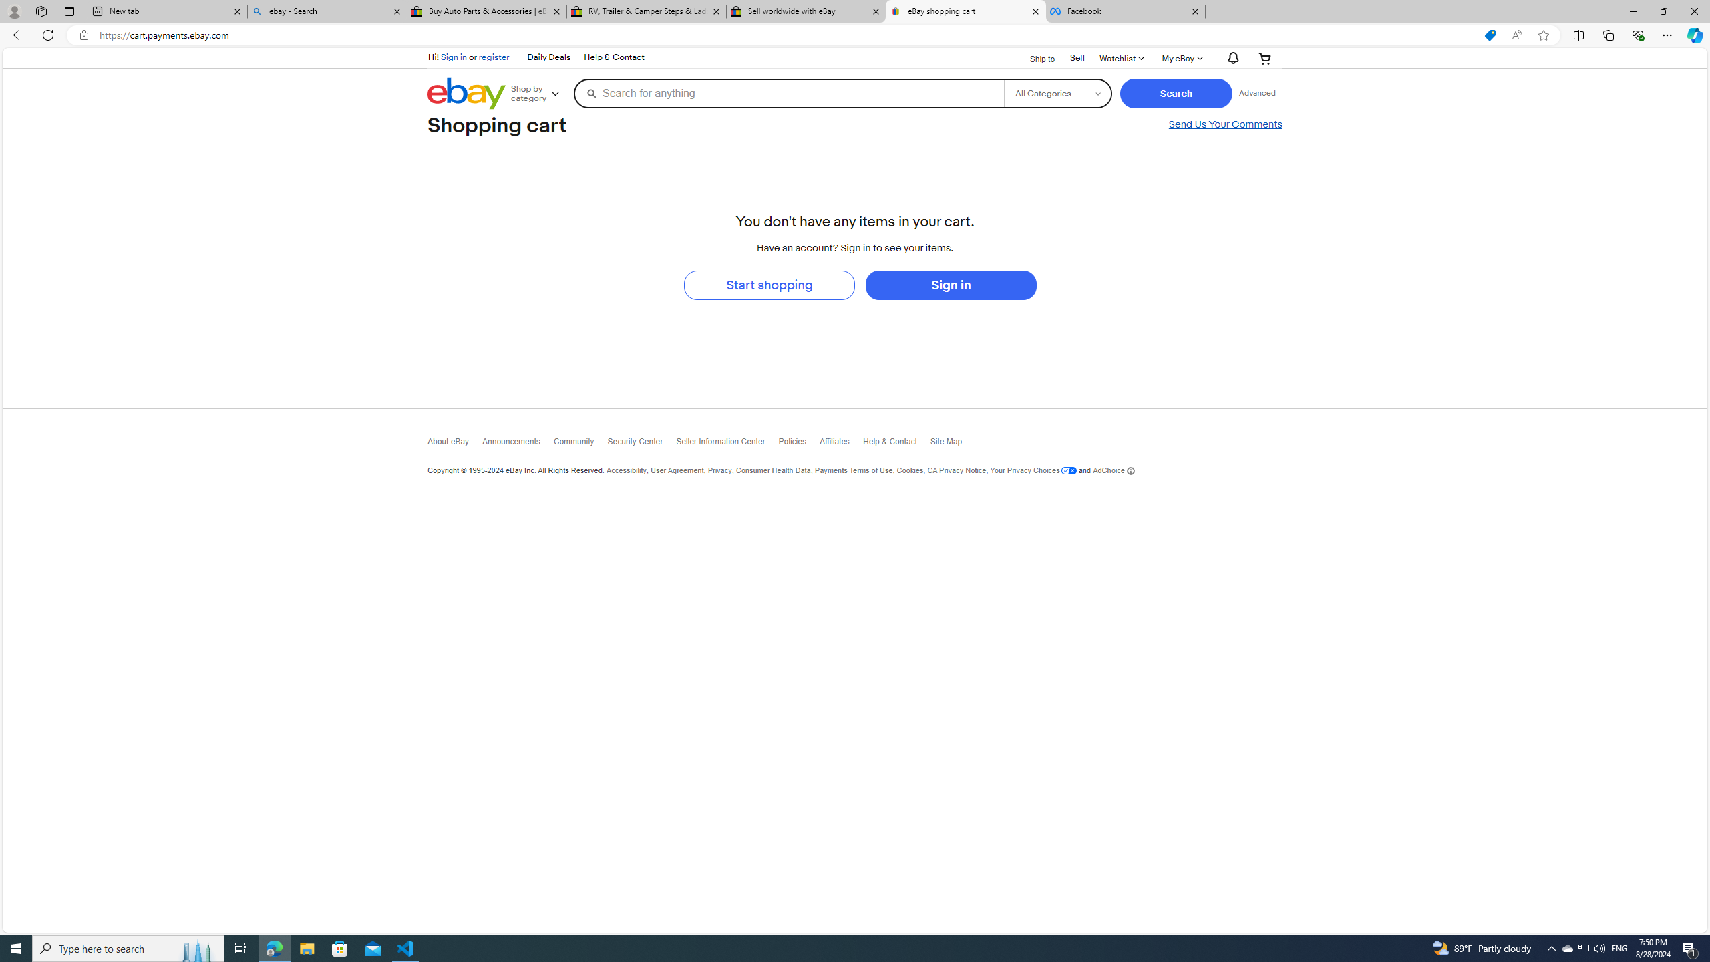  I want to click on 'User Agreement', so click(676, 470).